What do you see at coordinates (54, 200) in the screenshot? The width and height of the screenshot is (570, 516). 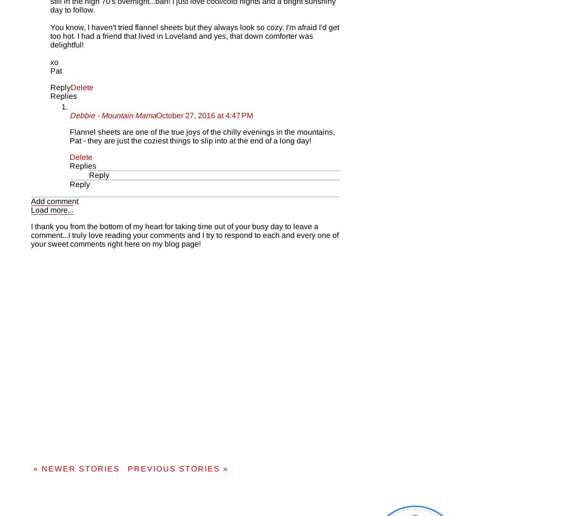 I see `'Add comment'` at bounding box center [54, 200].